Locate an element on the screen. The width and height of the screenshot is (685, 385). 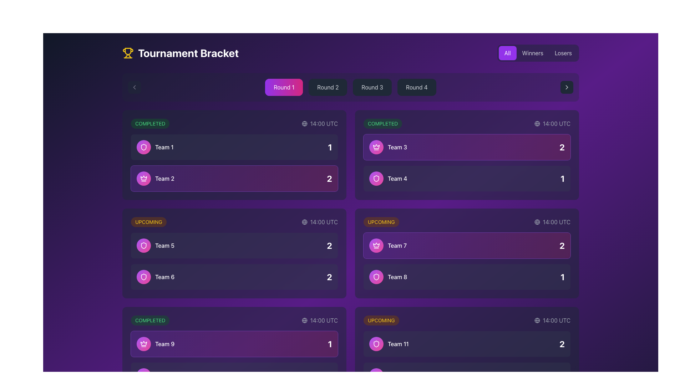
the navigation button that allows users to proceed to the next set of rounds or categories for keyboard navigation is located at coordinates (566, 87).